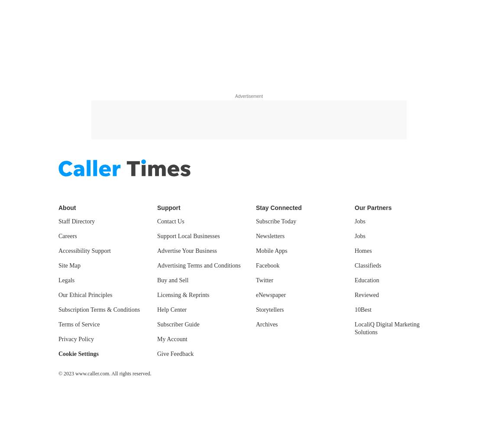 This screenshot has width=498, height=439. I want to click on 'Mobile Apps', so click(271, 250).